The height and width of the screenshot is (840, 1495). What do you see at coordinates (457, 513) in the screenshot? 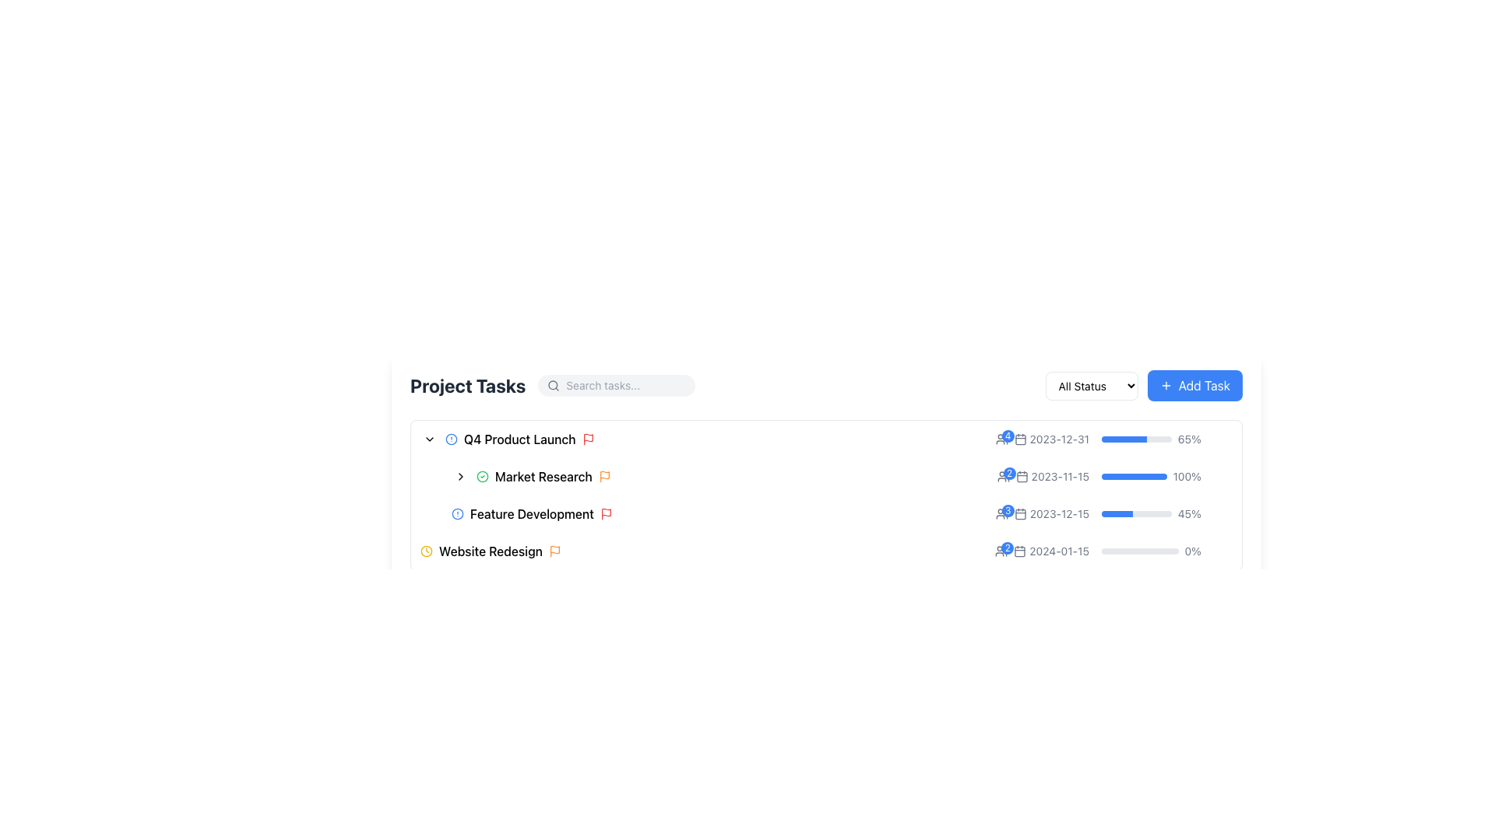
I see `the alert icon indicating the state of alert for the 'Feature Development' task, which is visually represented as an SVG graphic located to the left of the task text` at bounding box center [457, 513].